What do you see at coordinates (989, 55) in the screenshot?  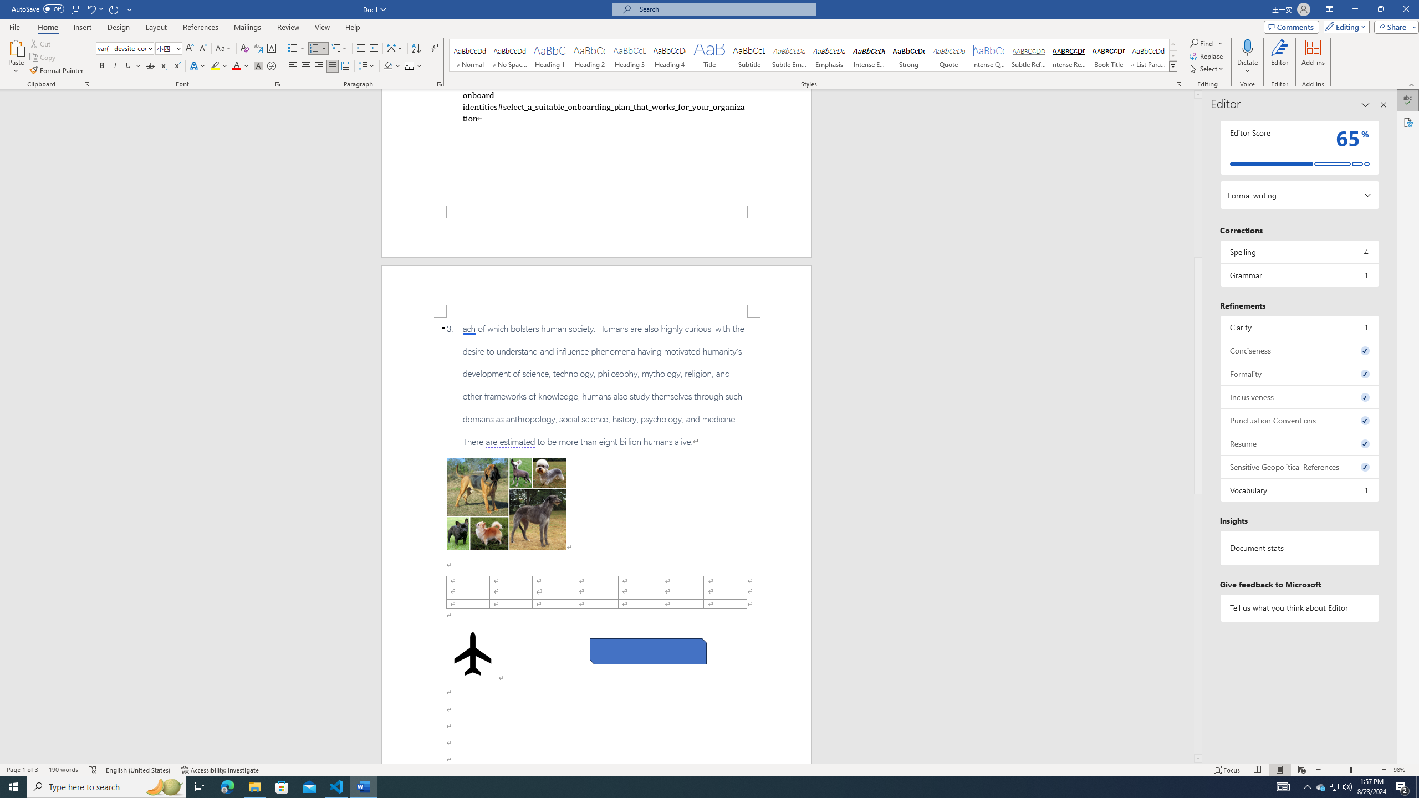 I see `'Intense Quote'` at bounding box center [989, 55].